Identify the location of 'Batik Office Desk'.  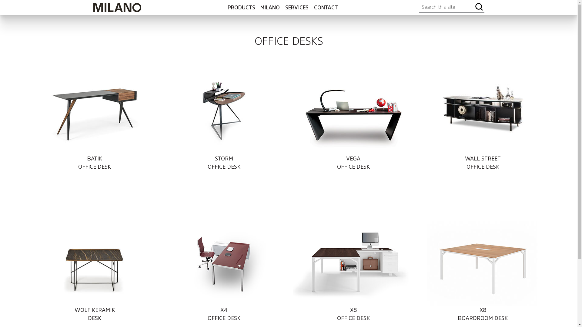
(94, 112).